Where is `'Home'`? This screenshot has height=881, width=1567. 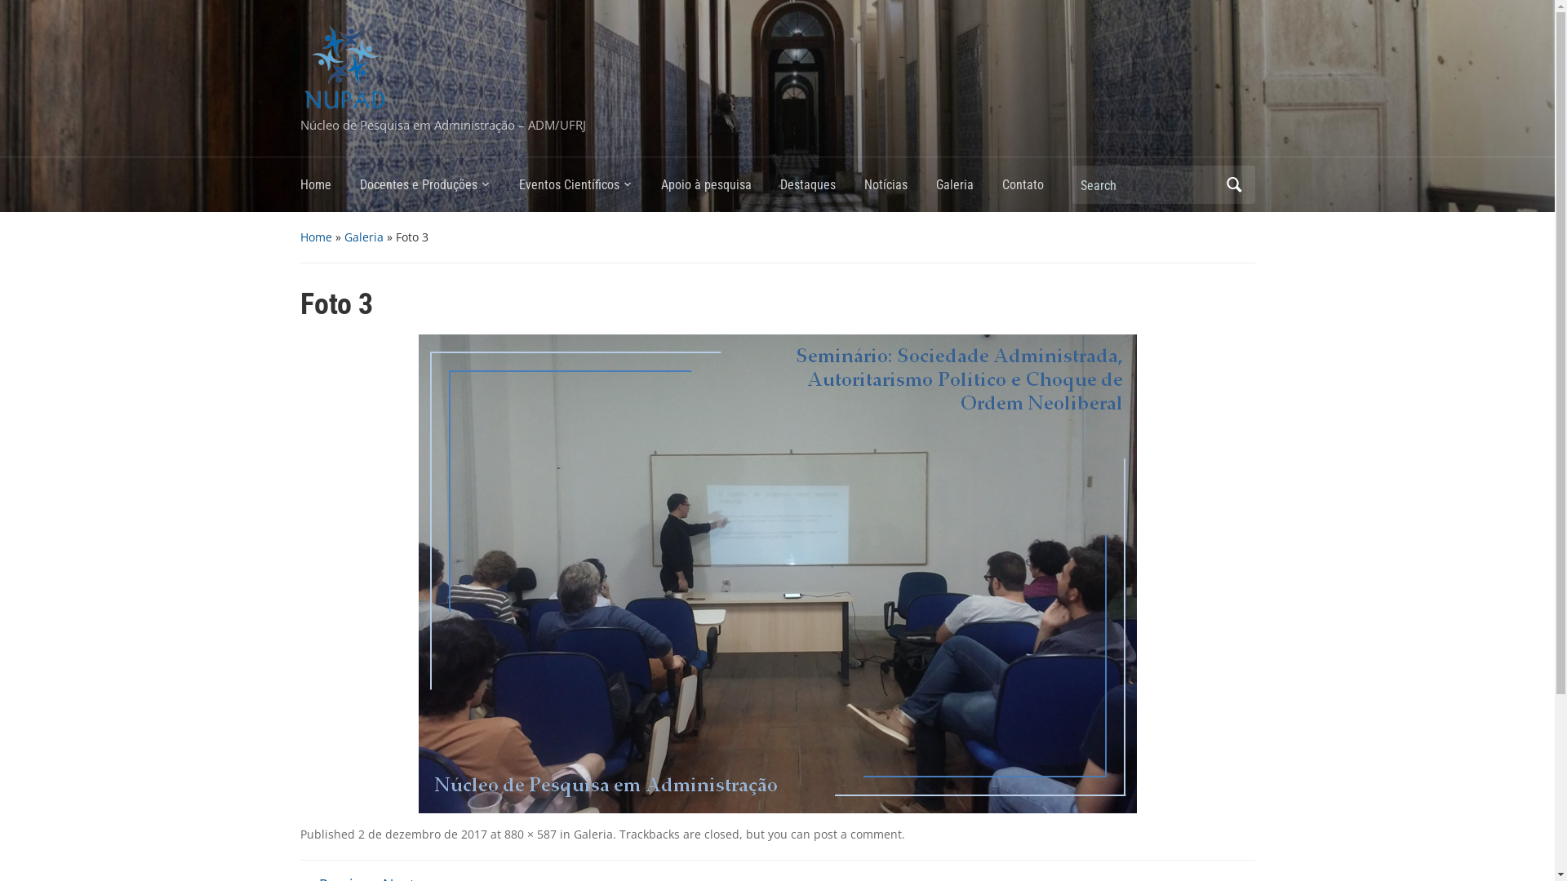
'Home' is located at coordinates (329, 188).